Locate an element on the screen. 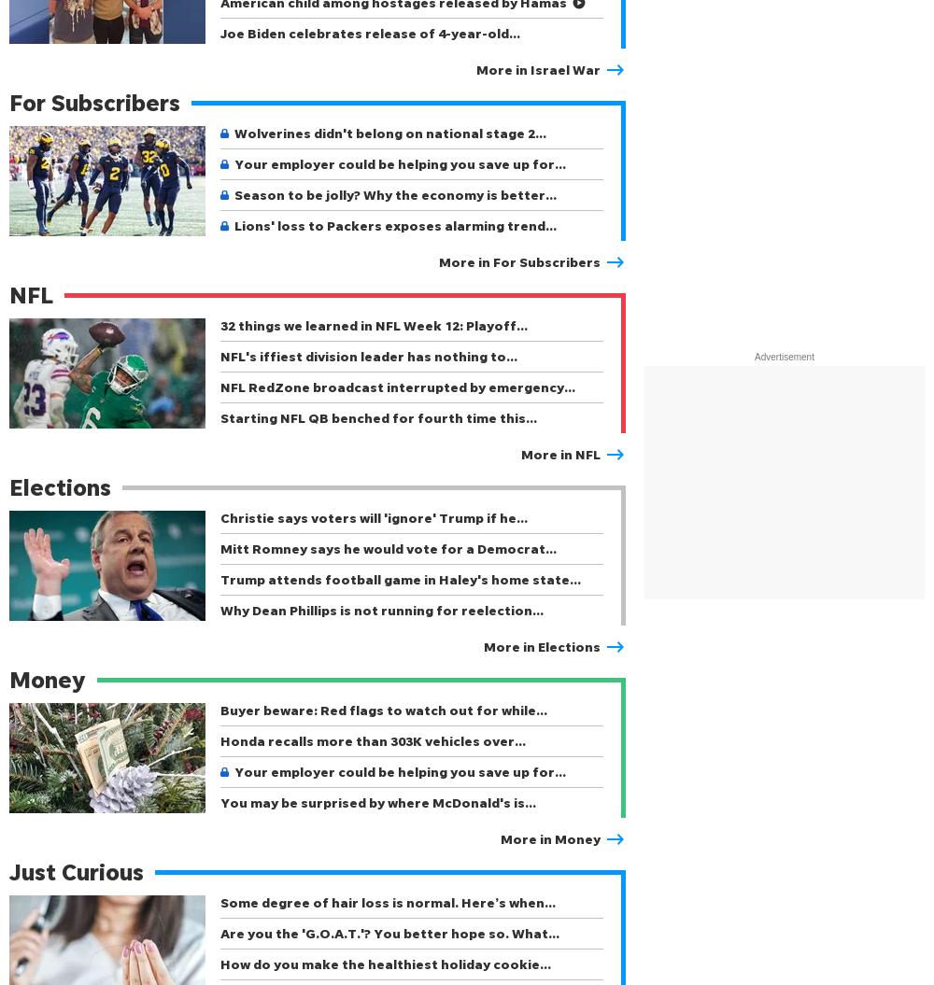 The height and width of the screenshot is (985, 934). 'Why Dean Phillips is not running for reelection…' is located at coordinates (382, 609).